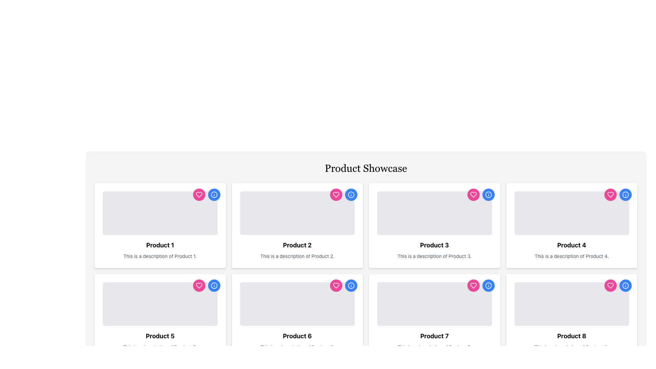  What do you see at coordinates (214, 195) in the screenshot?
I see `the information icon button located in the top-right corner of the 'Product 1' card` at bounding box center [214, 195].